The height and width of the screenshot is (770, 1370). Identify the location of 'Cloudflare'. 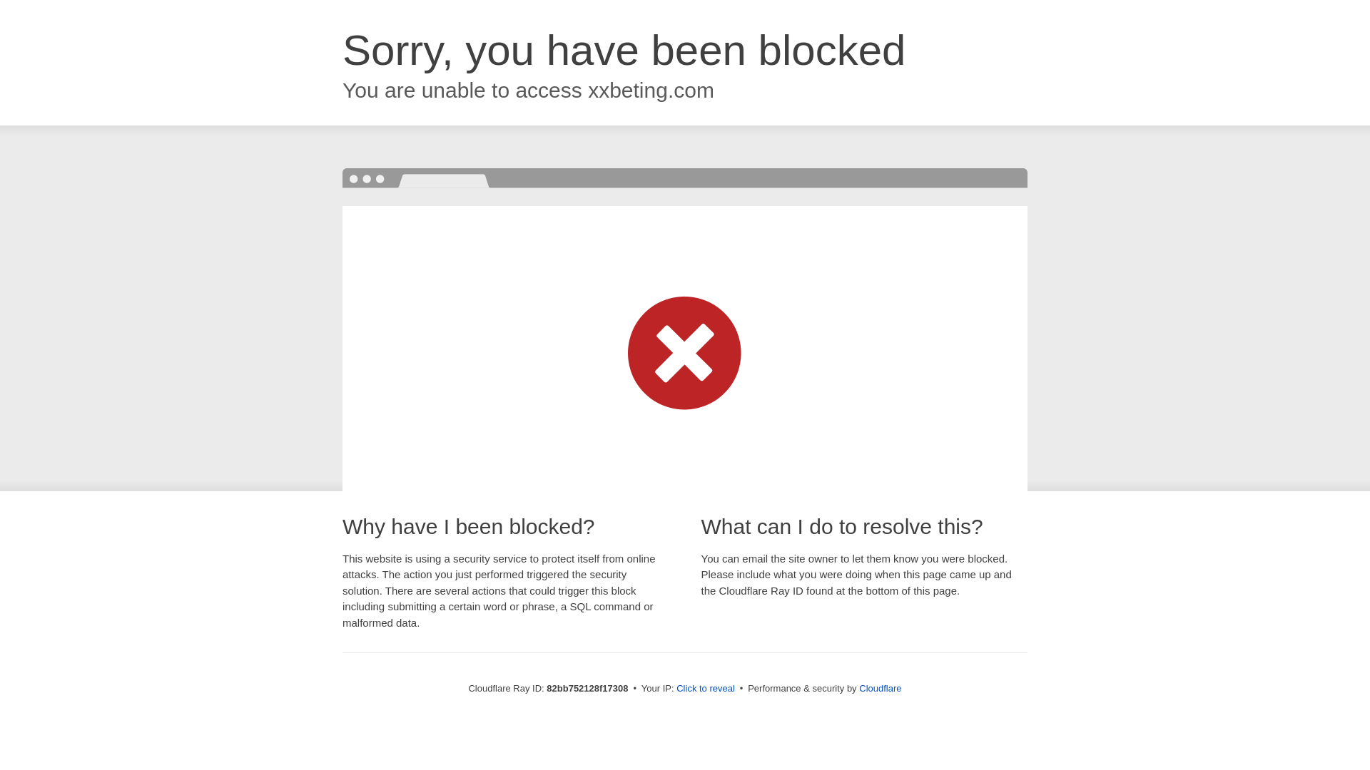
(879, 687).